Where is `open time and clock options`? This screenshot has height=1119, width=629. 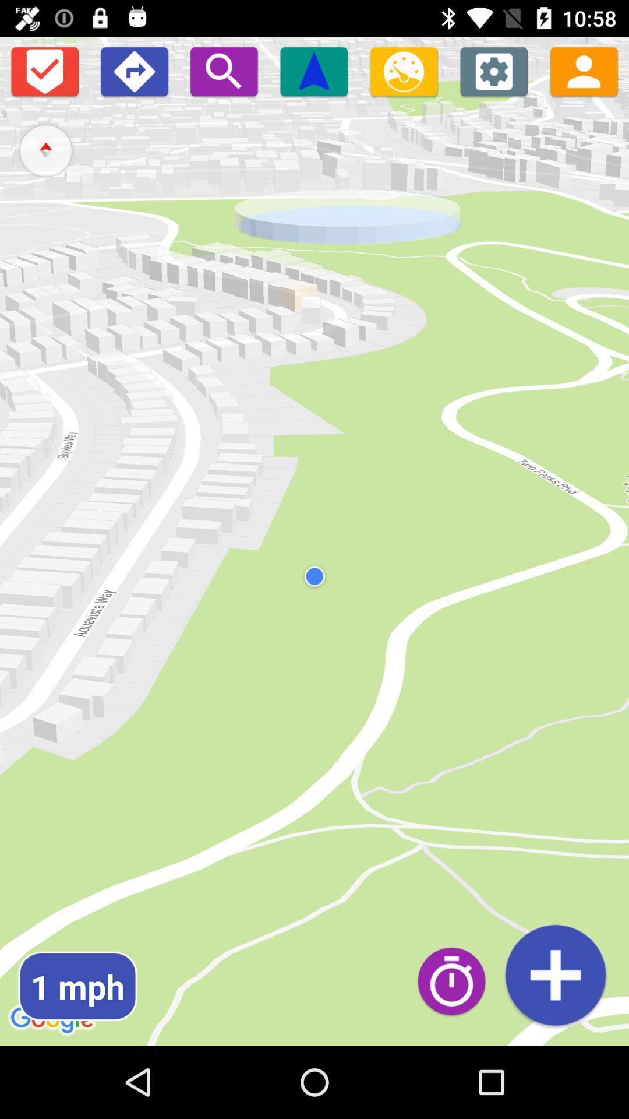
open time and clock options is located at coordinates (457, 980).